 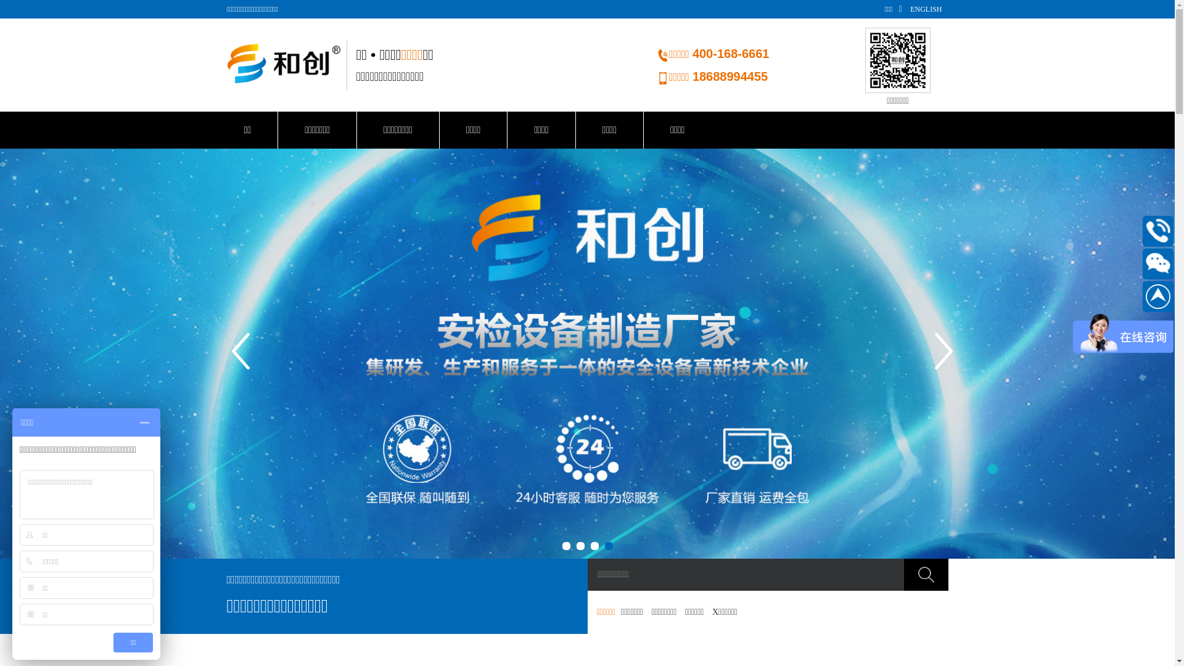 I want to click on 'ENGLISH', so click(x=926, y=9).